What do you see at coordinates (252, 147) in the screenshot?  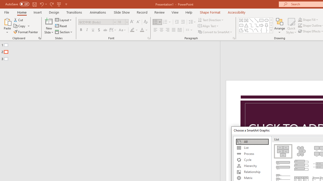 I see `'List'` at bounding box center [252, 147].